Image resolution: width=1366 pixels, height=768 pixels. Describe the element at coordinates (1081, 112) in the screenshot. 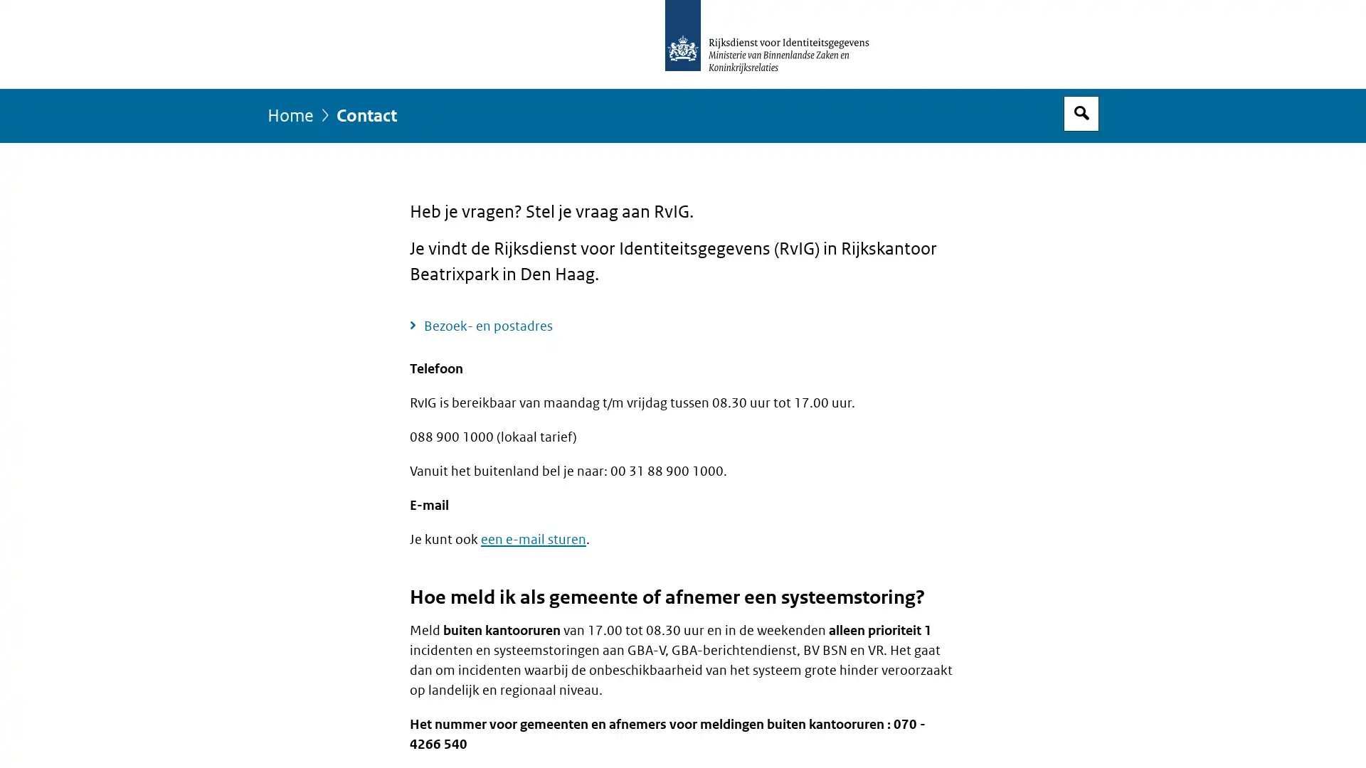

I see `Open zoekveld` at that location.